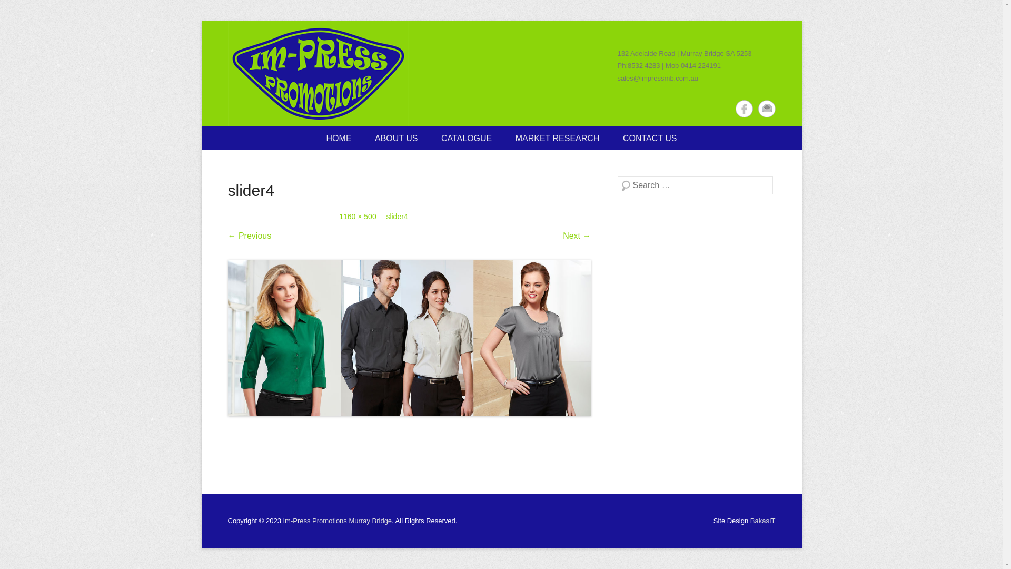 This screenshot has height=569, width=1011. I want to click on 'BakasIT', so click(763, 520).